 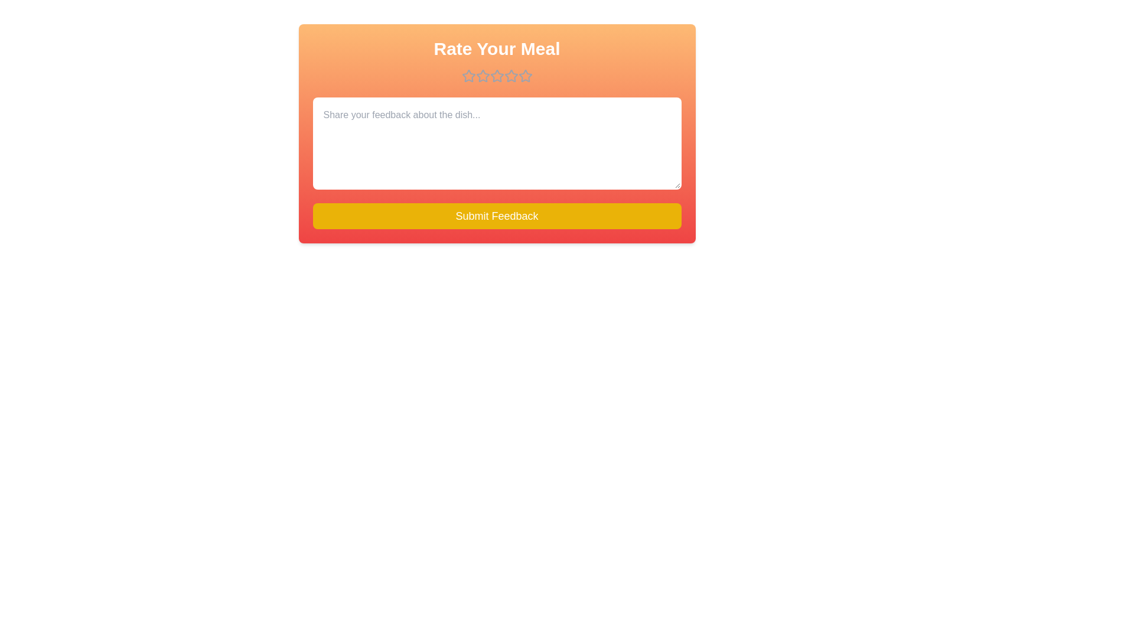 What do you see at coordinates (497, 76) in the screenshot?
I see `the star corresponding to 3 to preview the rating` at bounding box center [497, 76].